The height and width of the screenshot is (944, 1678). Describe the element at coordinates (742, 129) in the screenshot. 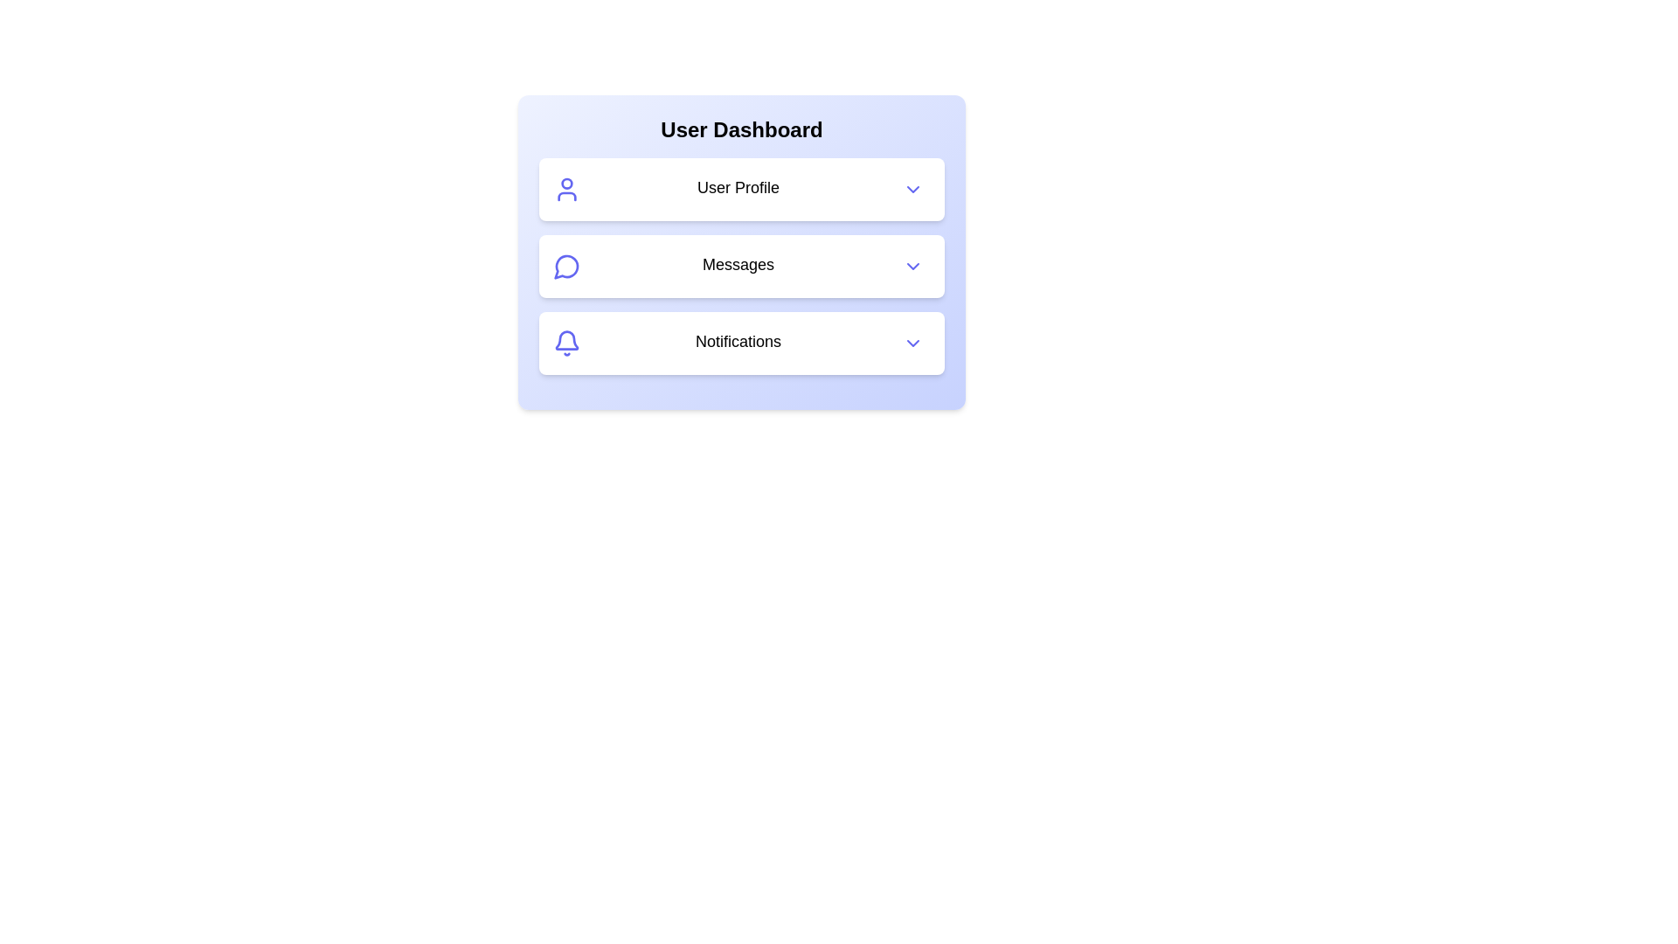

I see `the header text 'User Dashboard'` at that location.